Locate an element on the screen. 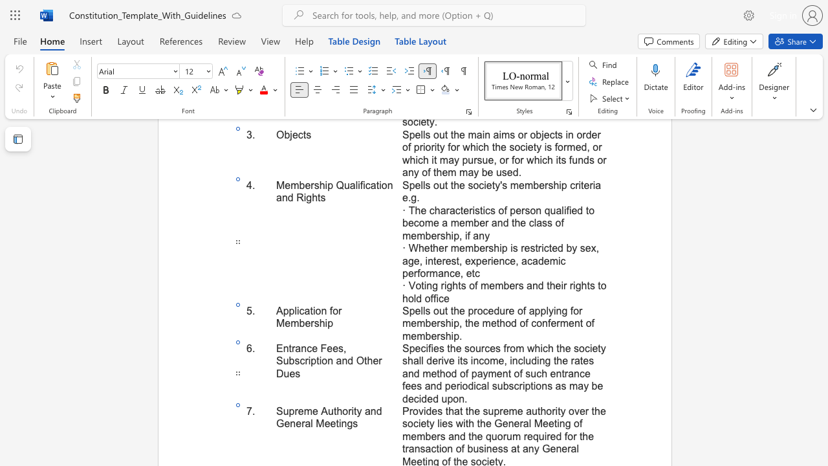 The width and height of the screenshot is (828, 466). the 3th character "t" in the text is located at coordinates (548, 285).